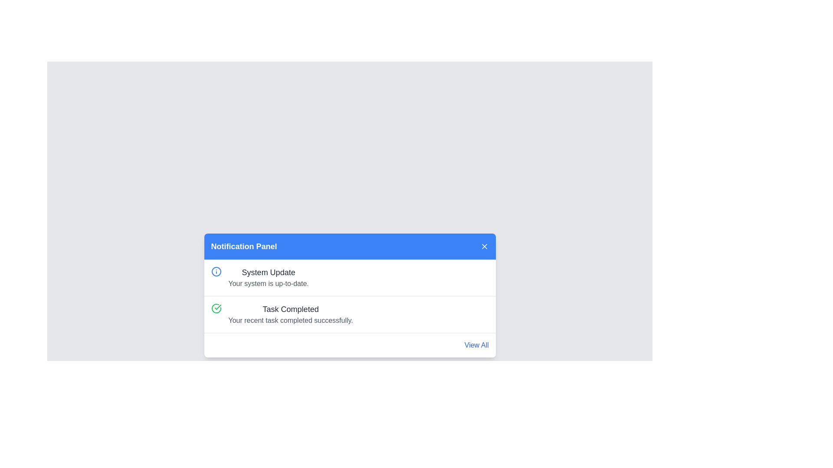 This screenshot has width=833, height=468. Describe the element at coordinates (268, 272) in the screenshot. I see `the text label that serves as a title for the system update description, located at the top-left corner inside the notification panel, below the 'Notification Panel' header` at that location.